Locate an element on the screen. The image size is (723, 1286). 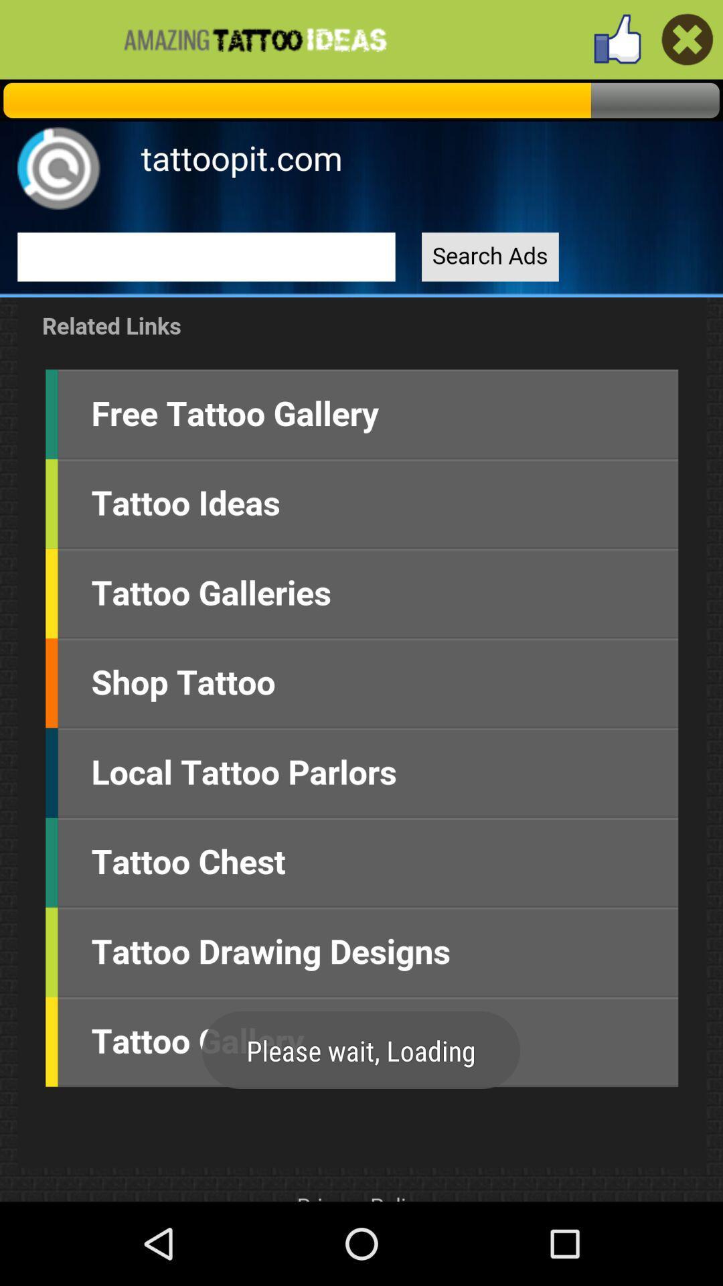
press like is located at coordinates (617, 39).